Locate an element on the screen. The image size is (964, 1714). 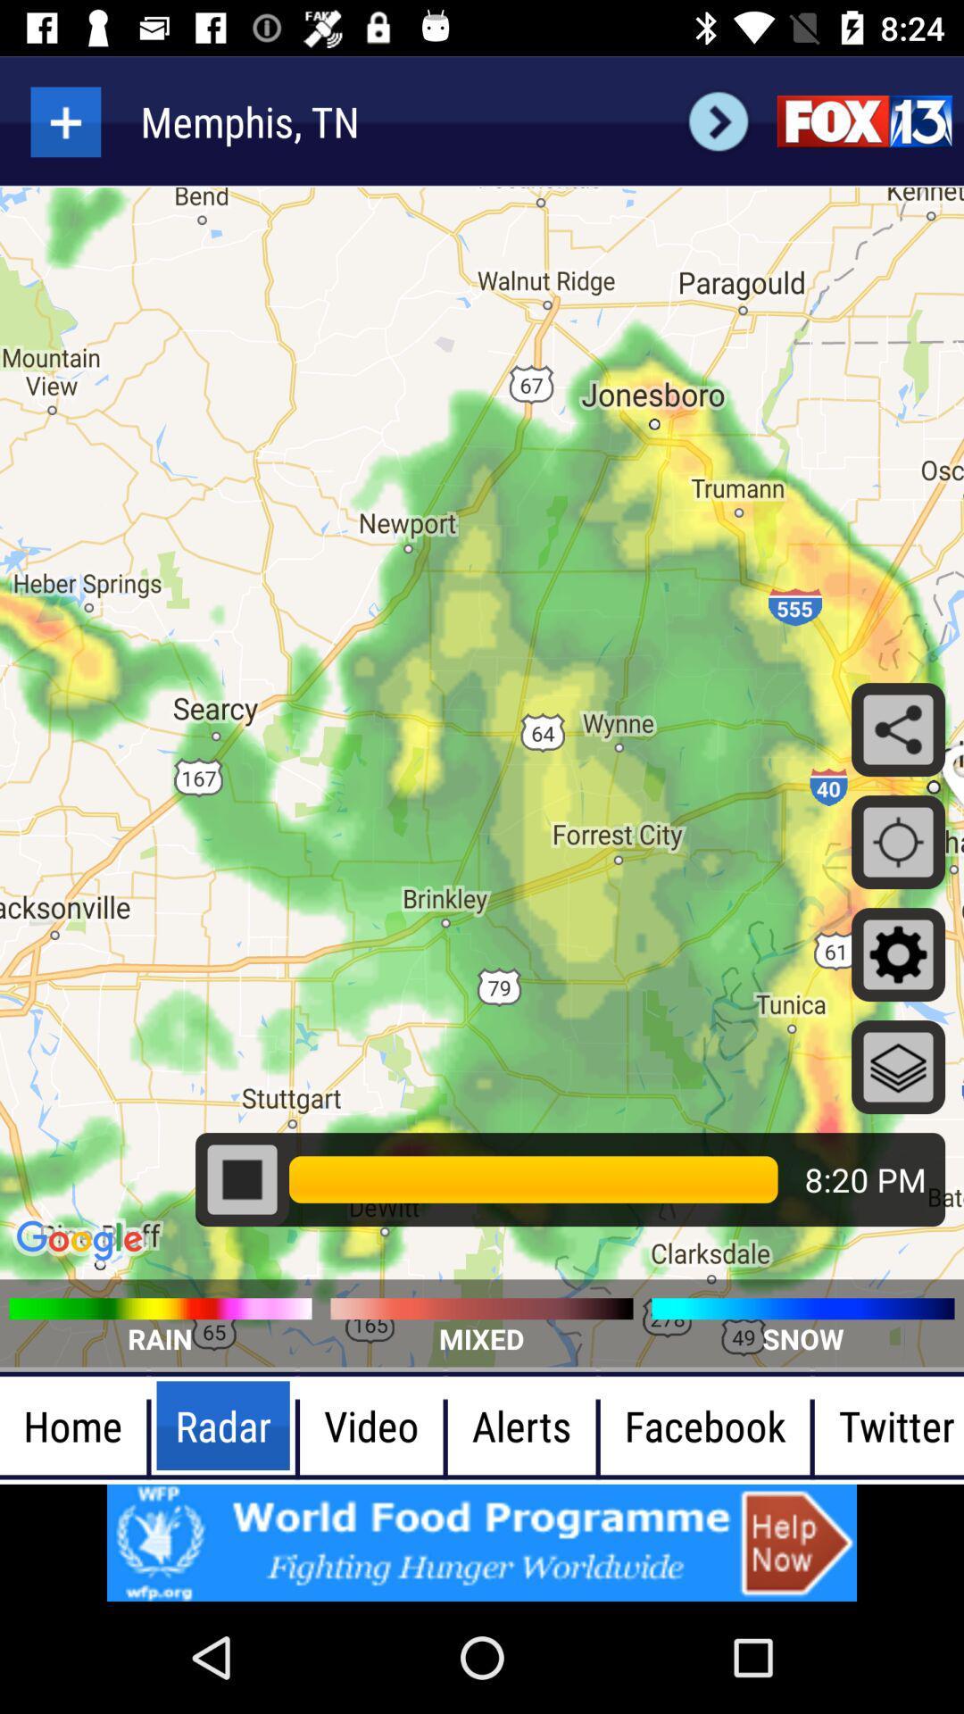
open advertisement is located at coordinates (482, 1542).